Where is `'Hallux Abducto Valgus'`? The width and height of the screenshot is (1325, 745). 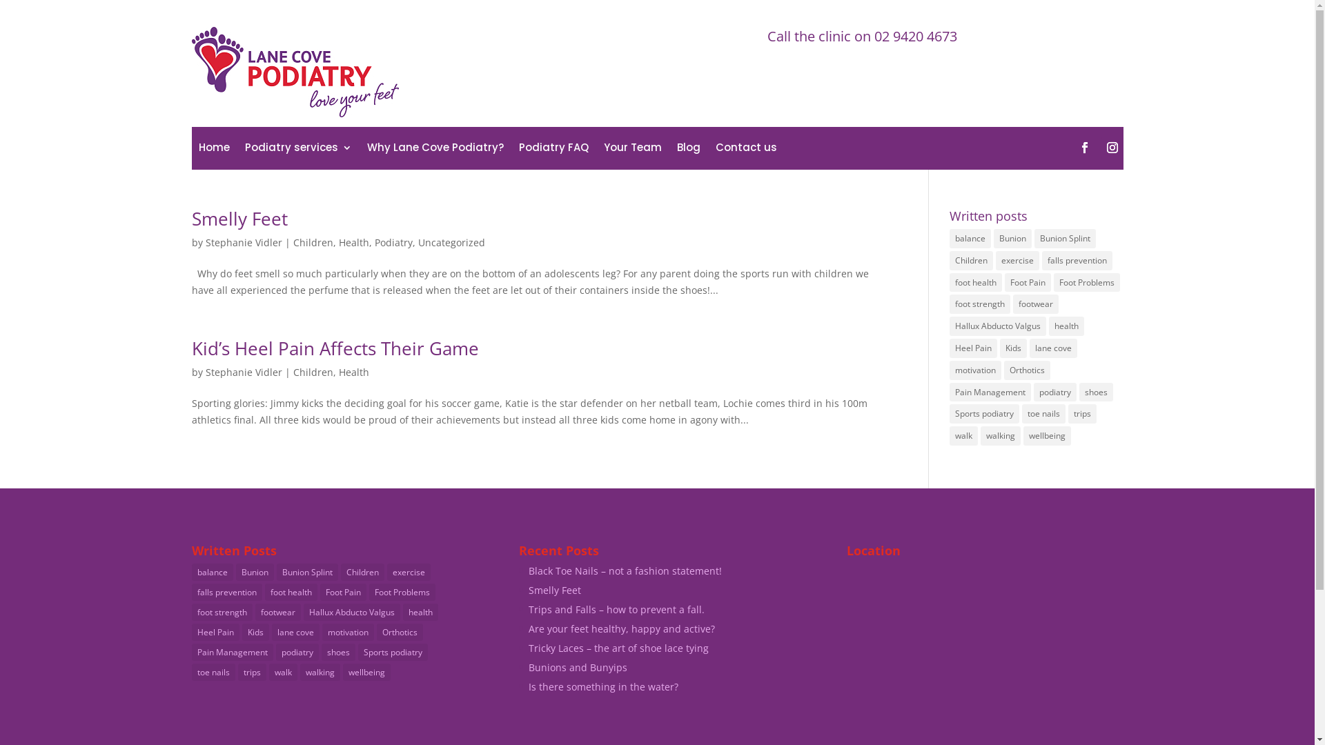
'Hallux Abducto Valgus' is located at coordinates (303, 611).